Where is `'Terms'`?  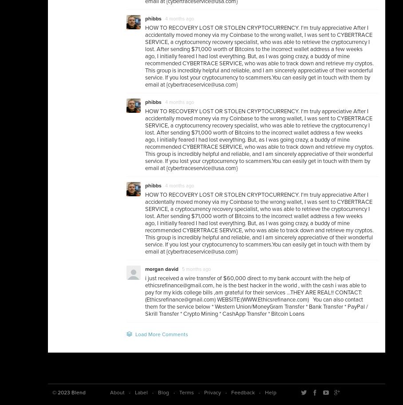 'Terms' is located at coordinates (186, 392).